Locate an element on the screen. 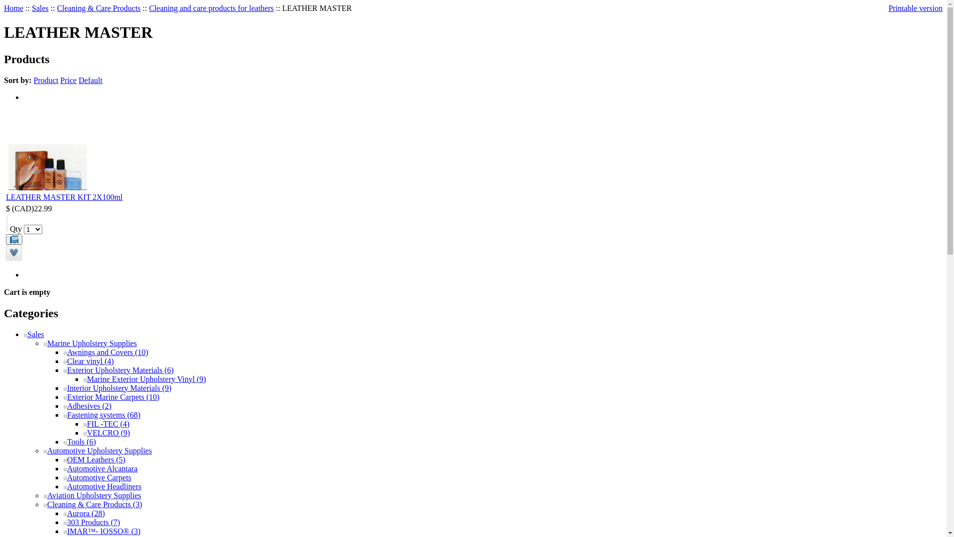  'Marine Upholstery Supplies' is located at coordinates (90, 343).